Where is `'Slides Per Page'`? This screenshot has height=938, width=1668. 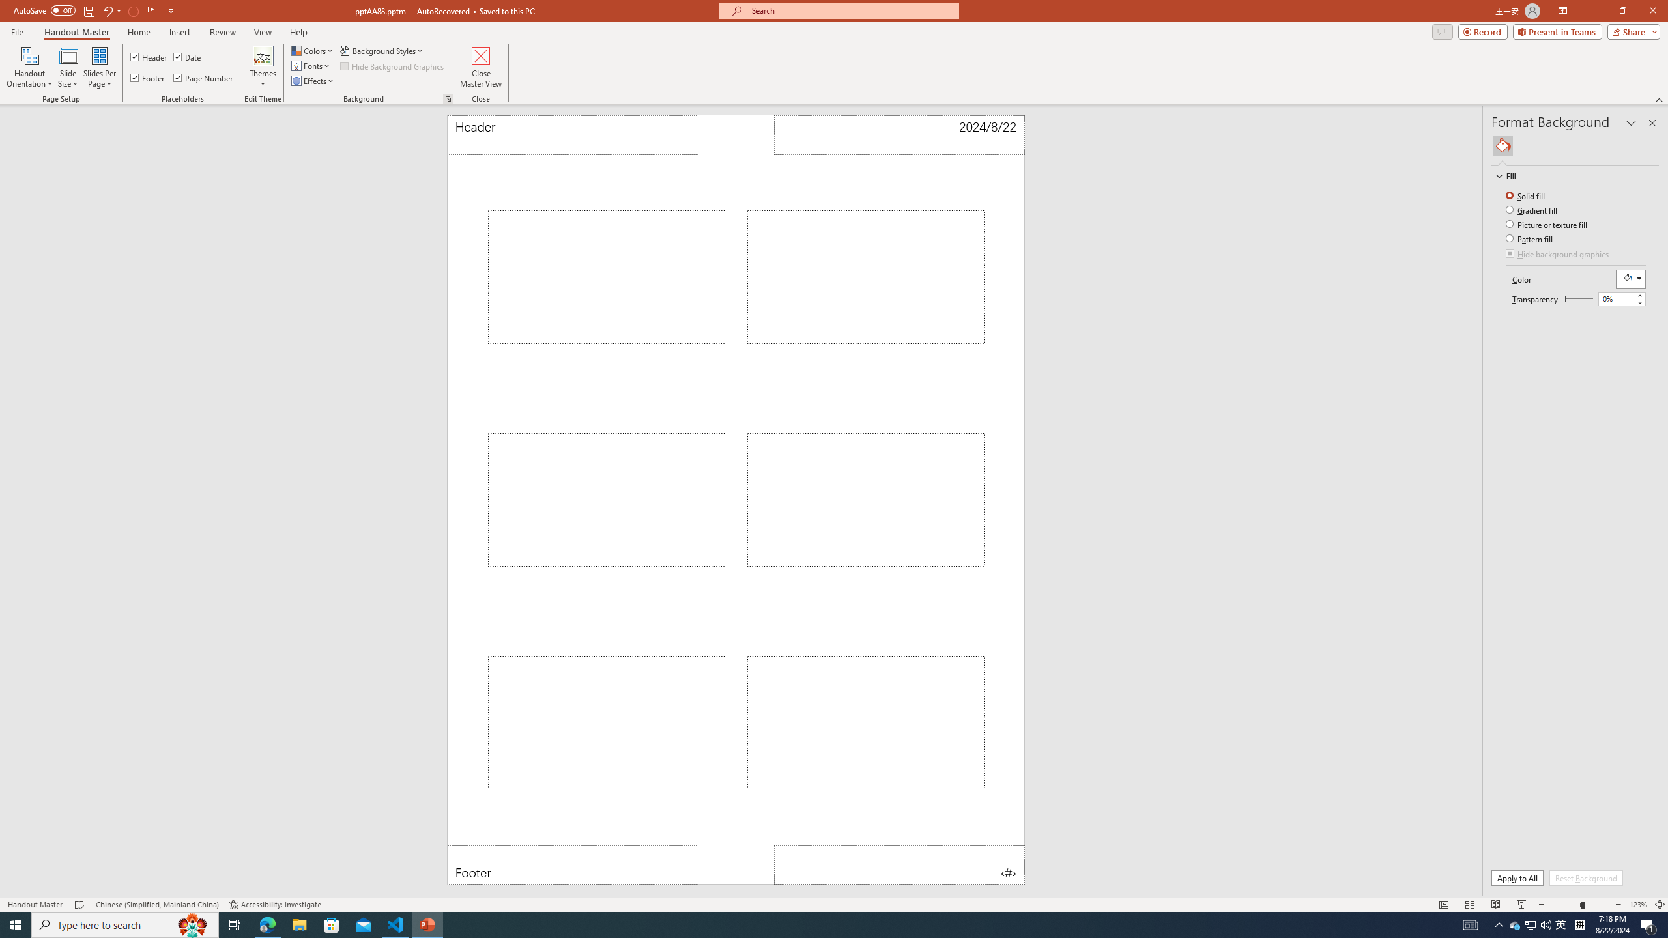 'Slides Per Page' is located at coordinates (99, 67).